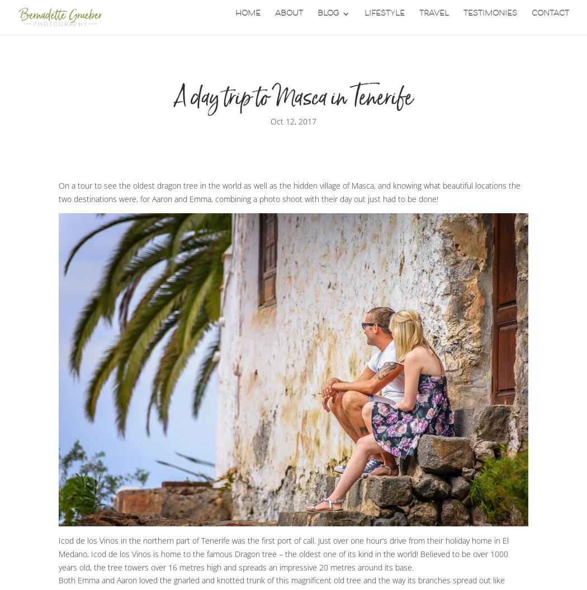 This screenshot has height=590, width=587. I want to click on 'On a tour to see the oldest dragon tree in the world as well as the hidden village of Masca, and knowing what beautiful locations the two destinations were, for Aaron and Emma, combining a photo shoot with their day out just had to be done!', so click(288, 191).